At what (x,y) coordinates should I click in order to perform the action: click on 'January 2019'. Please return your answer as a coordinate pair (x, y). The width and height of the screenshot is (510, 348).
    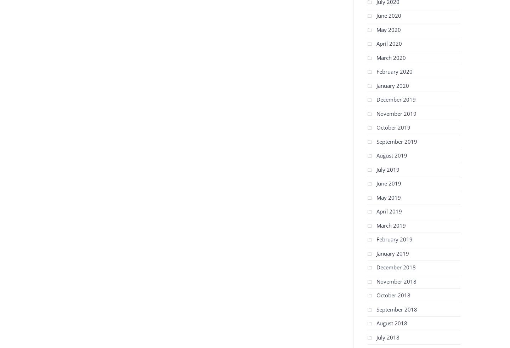
    Looking at the image, I should click on (392, 253).